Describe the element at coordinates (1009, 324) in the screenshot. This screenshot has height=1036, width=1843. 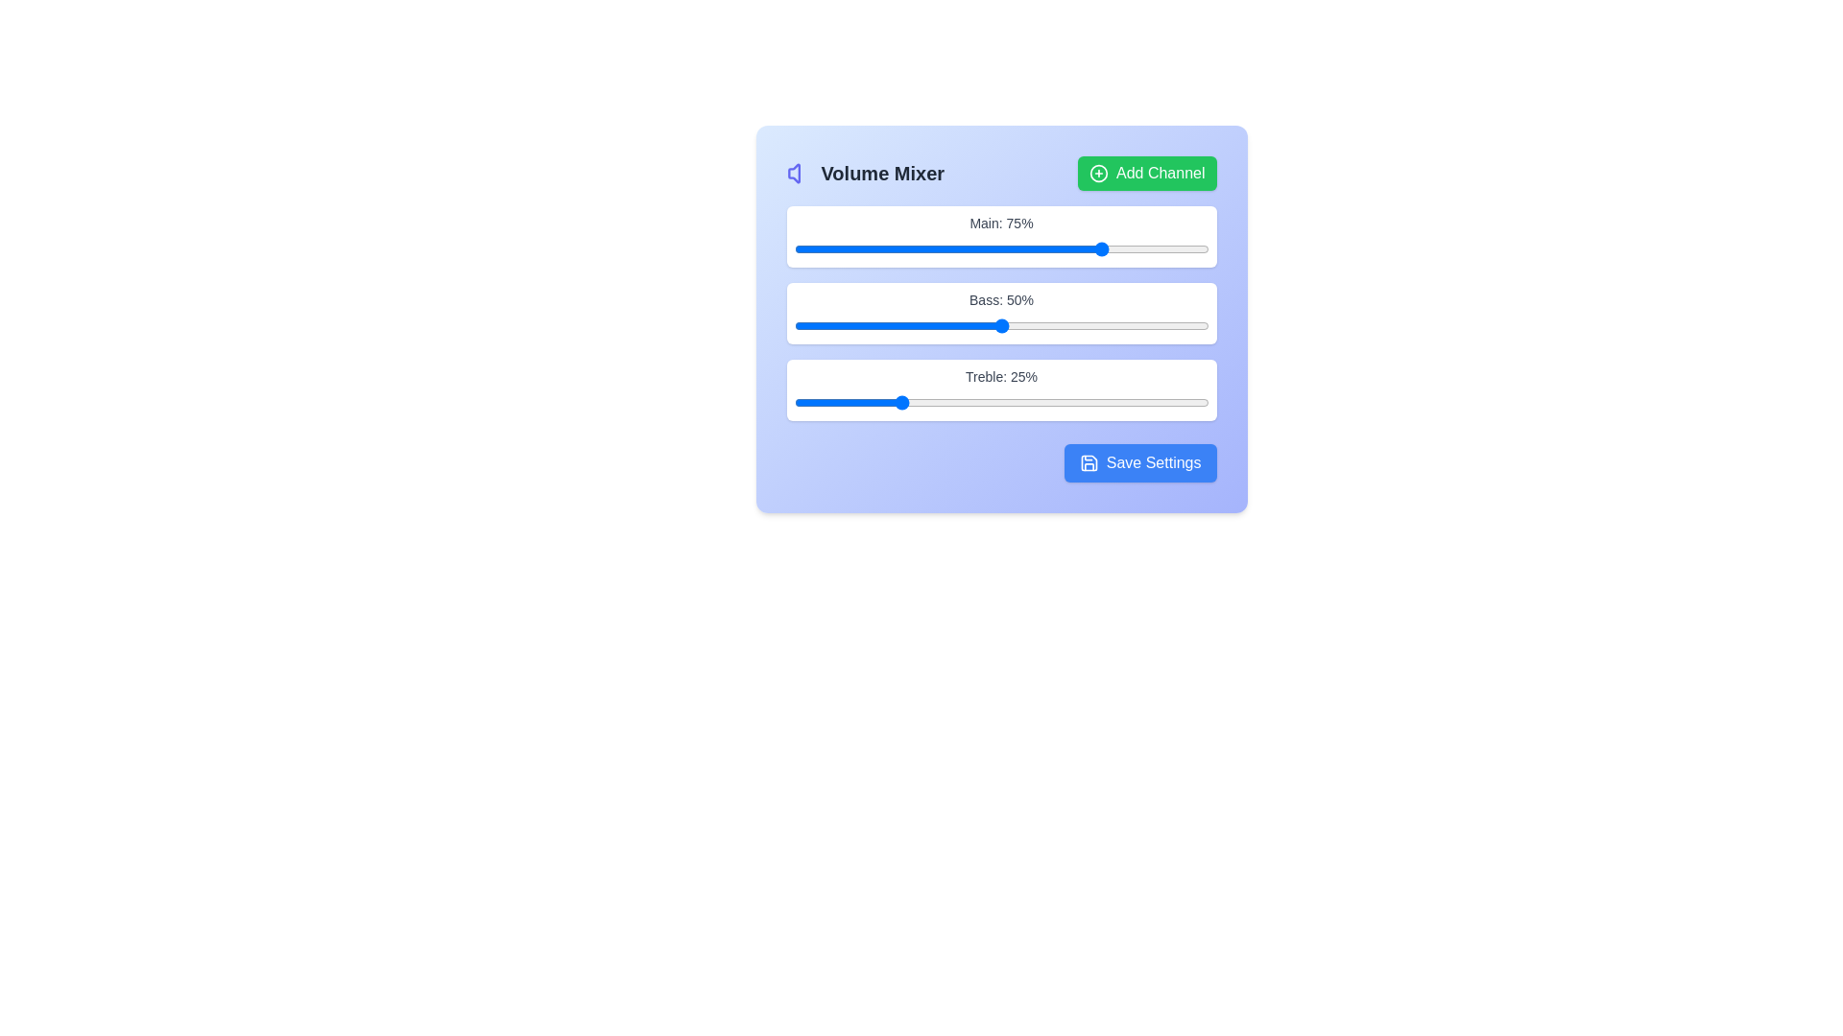
I see `bass level` at that location.